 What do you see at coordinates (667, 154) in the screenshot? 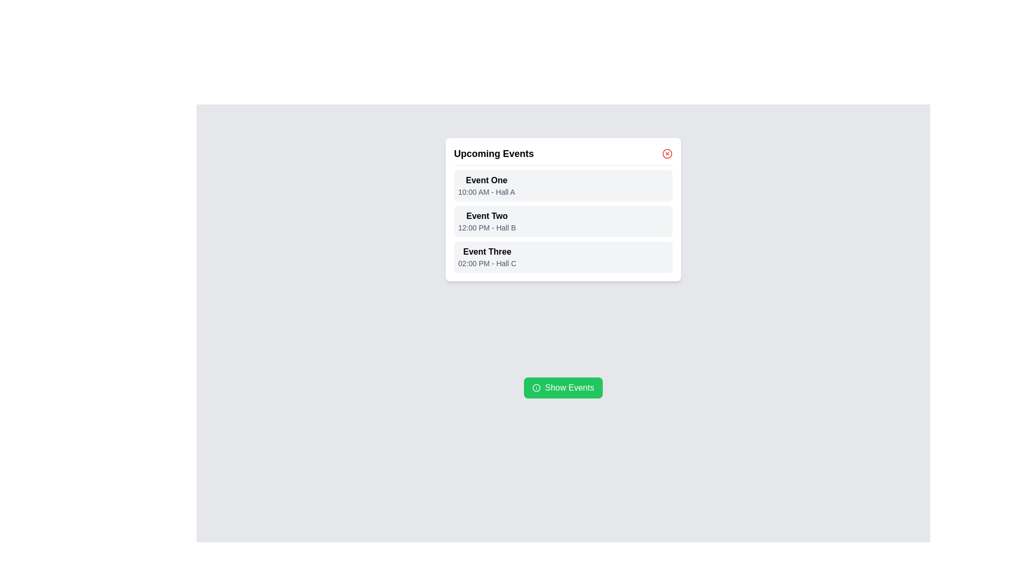
I see `the graphical circle that serves as the boundary for the close action button located at the top-right corner of the 'Upcoming Events' card` at bounding box center [667, 154].